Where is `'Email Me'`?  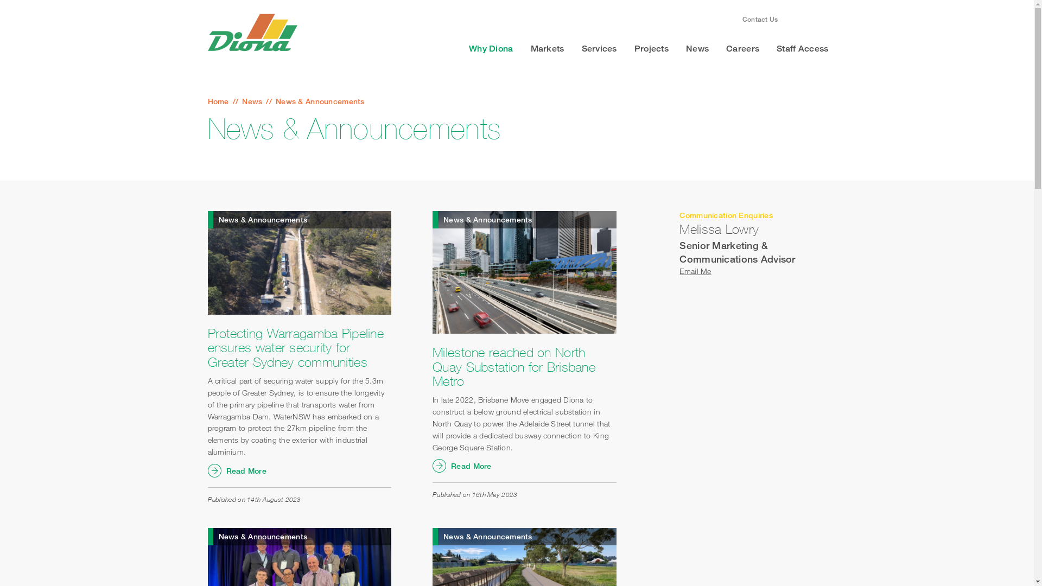 'Email Me' is located at coordinates (679, 270).